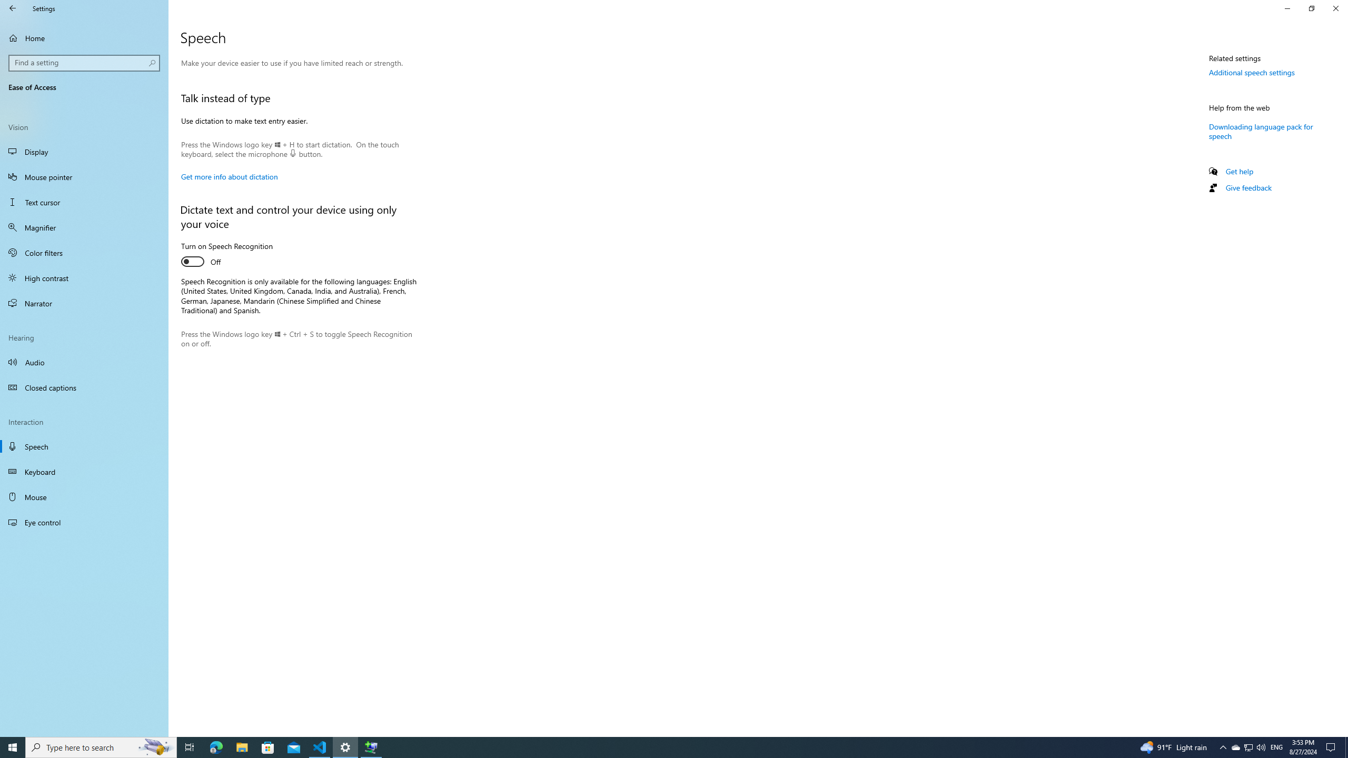  What do you see at coordinates (229, 176) in the screenshot?
I see `'Get more info about dictation'` at bounding box center [229, 176].